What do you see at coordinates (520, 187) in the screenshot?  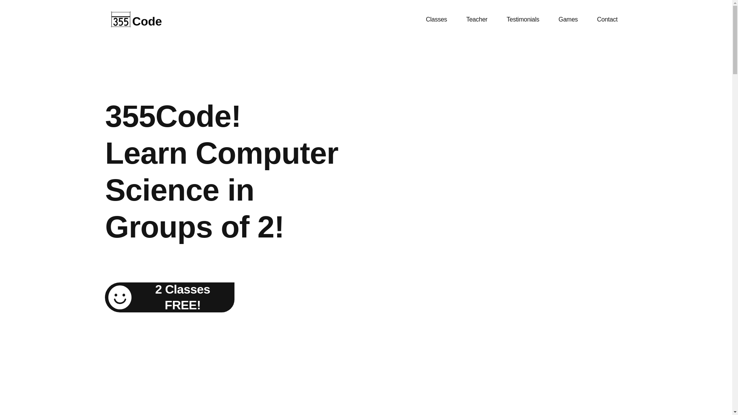 I see `'355Code: Course Introduction!'` at bounding box center [520, 187].